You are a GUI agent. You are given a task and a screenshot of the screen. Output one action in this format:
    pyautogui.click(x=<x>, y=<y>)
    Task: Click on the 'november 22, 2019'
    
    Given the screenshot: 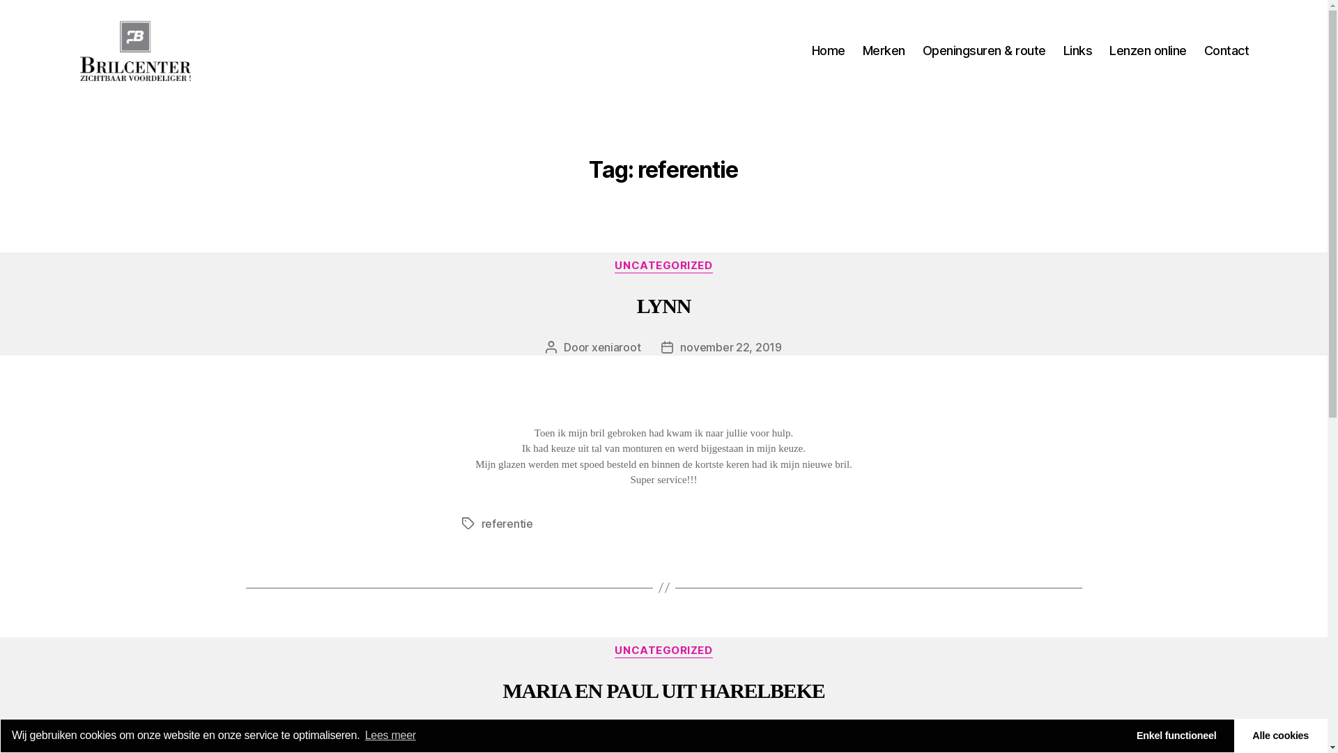 What is the action you would take?
    pyautogui.click(x=730, y=346)
    